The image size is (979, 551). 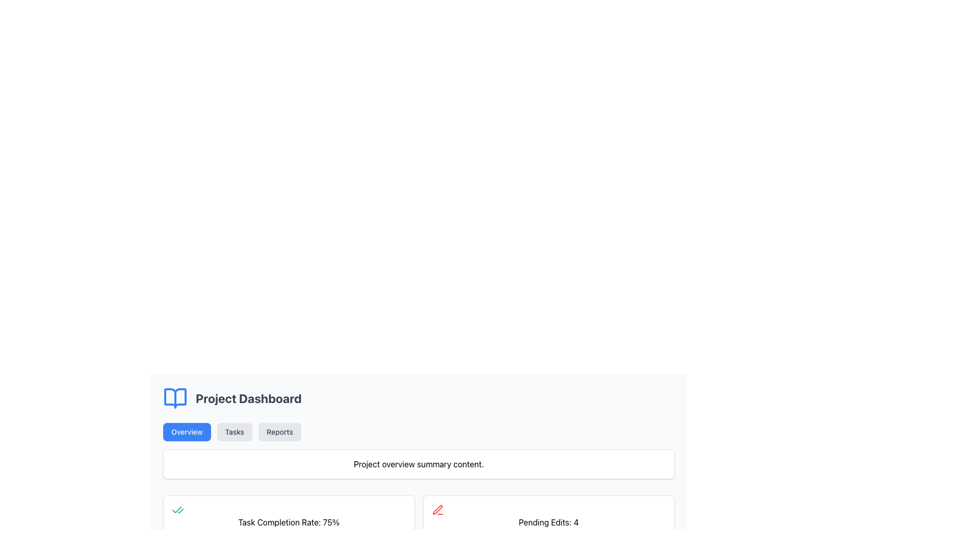 I want to click on the 'Tasks' navigational button located below the 'Project Dashboard' header to potentially see a tooltip, so click(x=234, y=432).